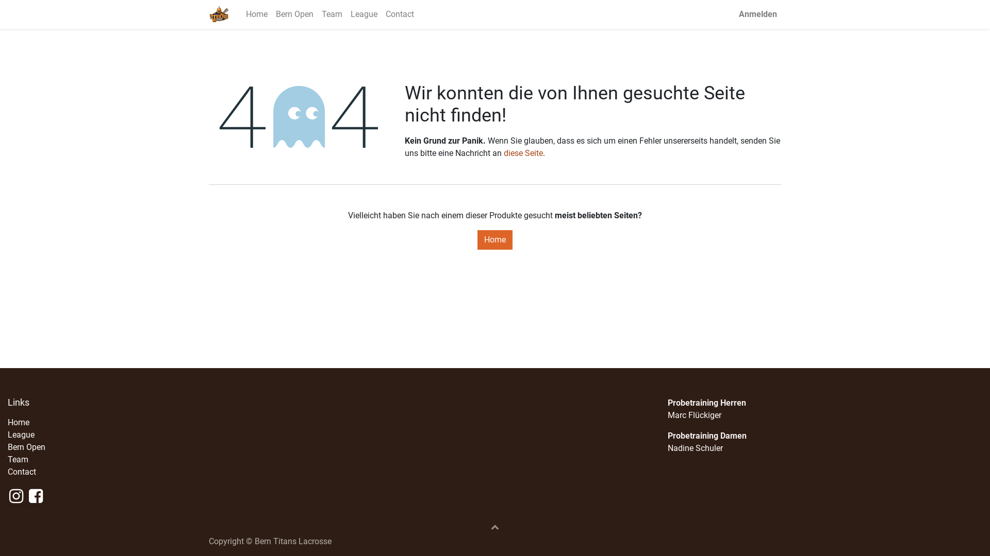 The height and width of the screenshot is (556, 990). What do you see at coordinates (294, 14) in the screenshot?
I see `'Bern Open'` at bounding box center [294, 14].